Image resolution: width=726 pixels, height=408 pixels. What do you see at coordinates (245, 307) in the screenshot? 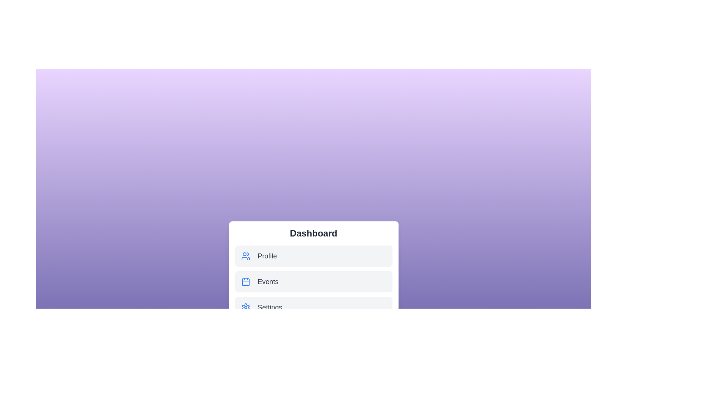
I see `the blue gear SVG icon for settings, located` at bounding box center [245, 307].